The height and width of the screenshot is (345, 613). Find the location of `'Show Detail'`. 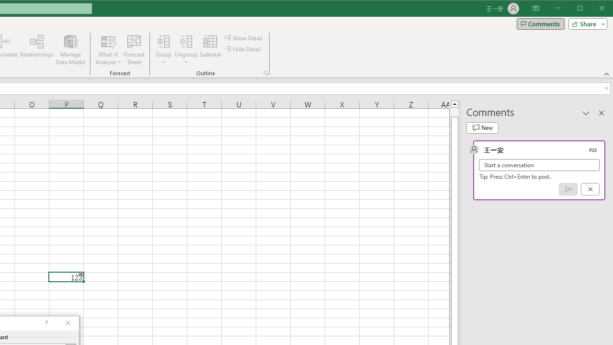

'Show Detail' is located at coordinates (244, 37).